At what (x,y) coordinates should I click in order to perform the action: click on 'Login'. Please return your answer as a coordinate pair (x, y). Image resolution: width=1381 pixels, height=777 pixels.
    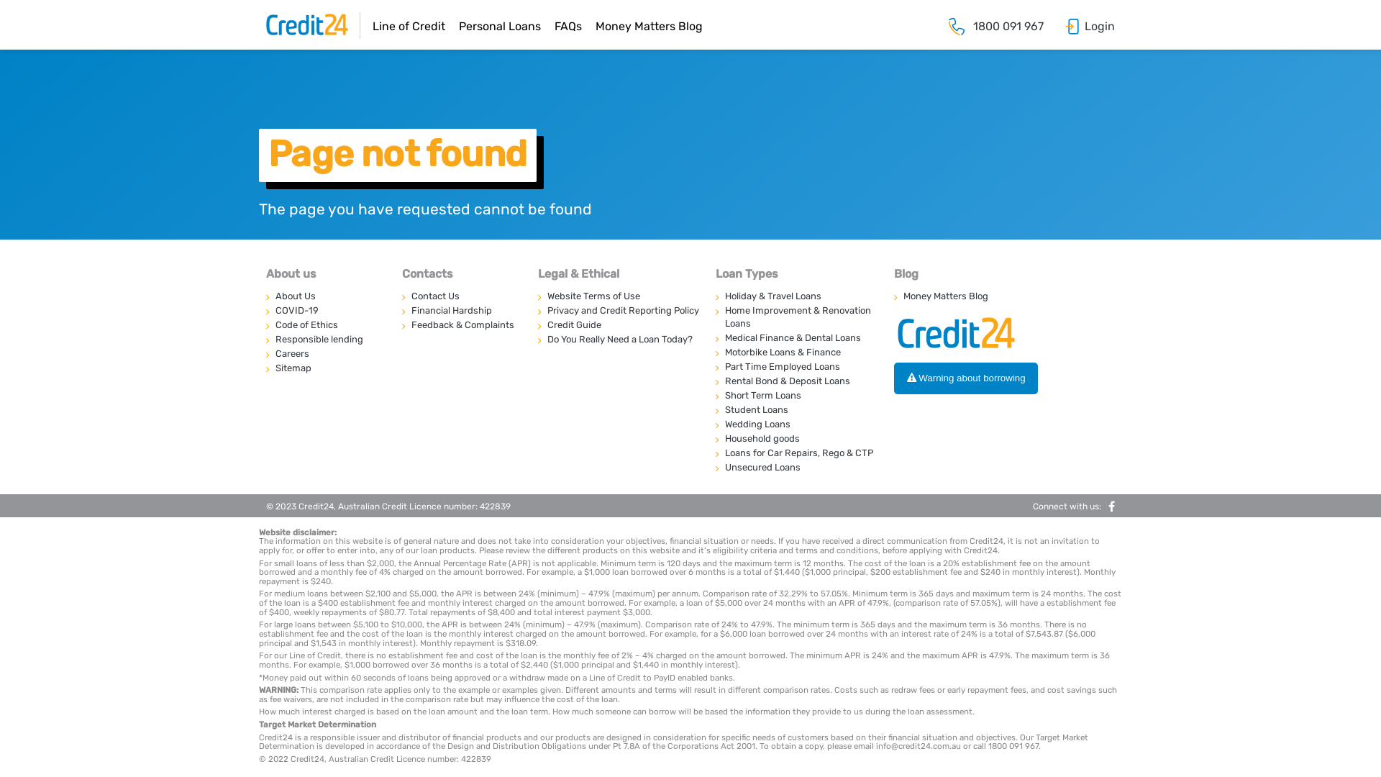
    Looking at the image, I should click on (1099, 26).